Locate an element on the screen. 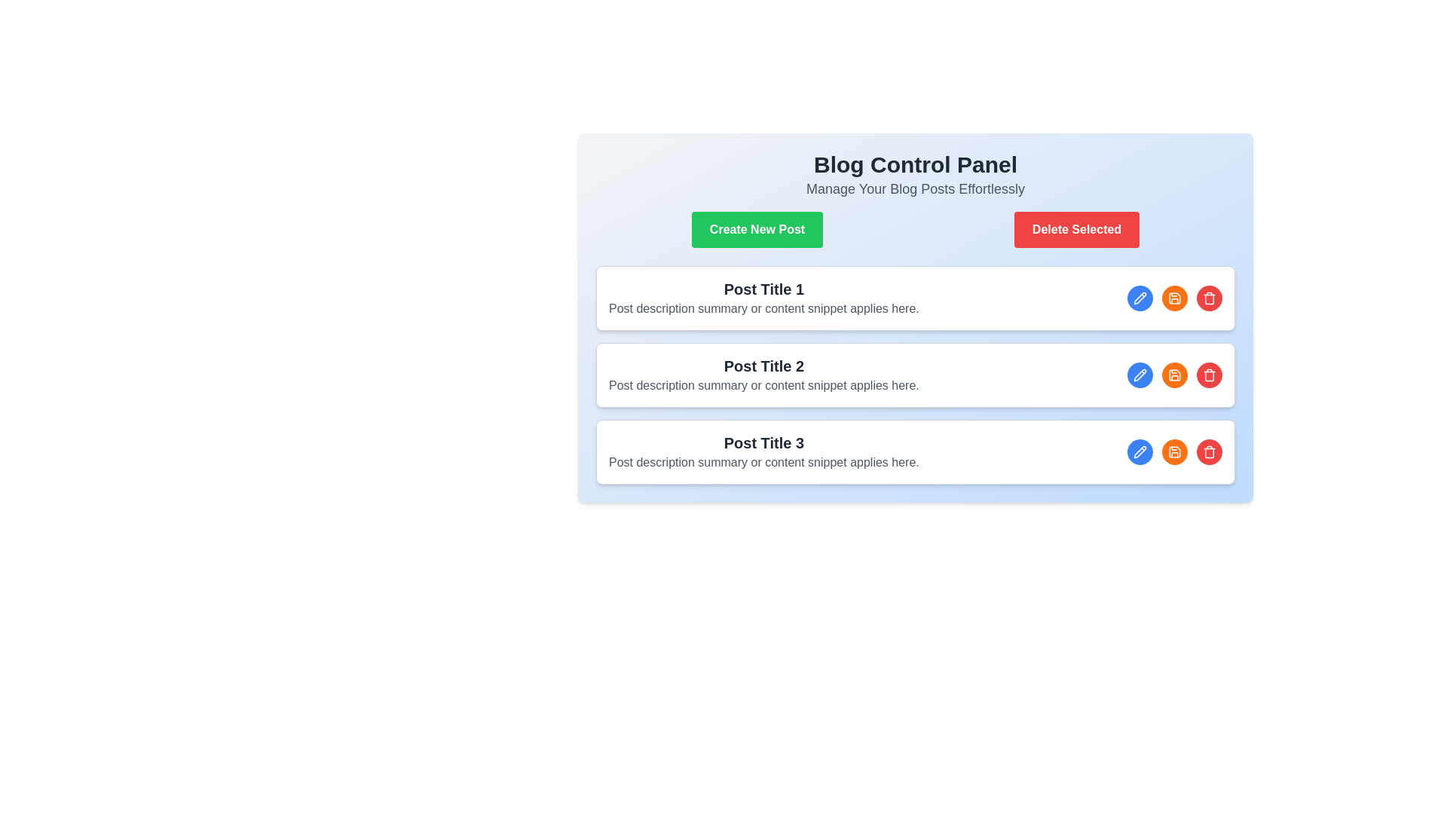  the Text content area displaying a heading and a supporting description that contains 'Post Title 2' and 'Post description summary or content snippet applies here.' is located at coordinates (763, 374).